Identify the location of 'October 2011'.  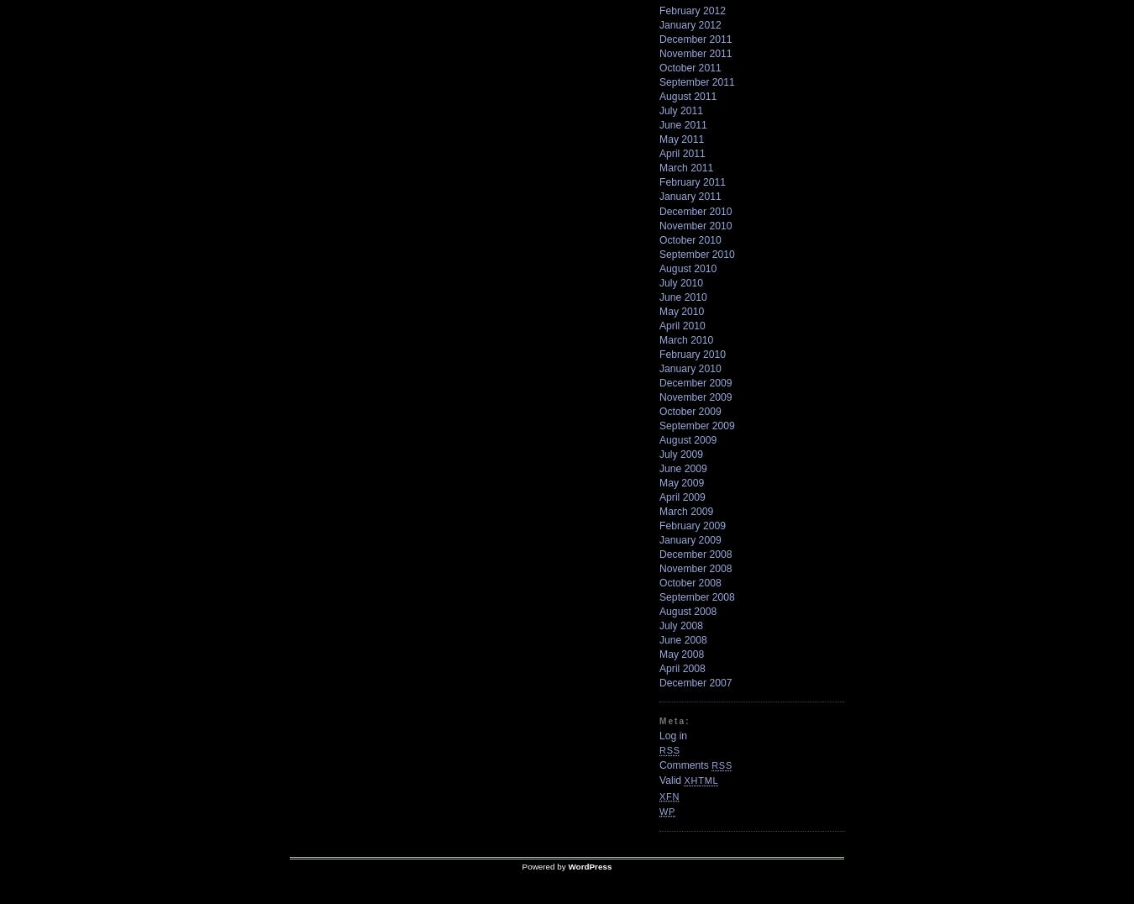
(690, 68).